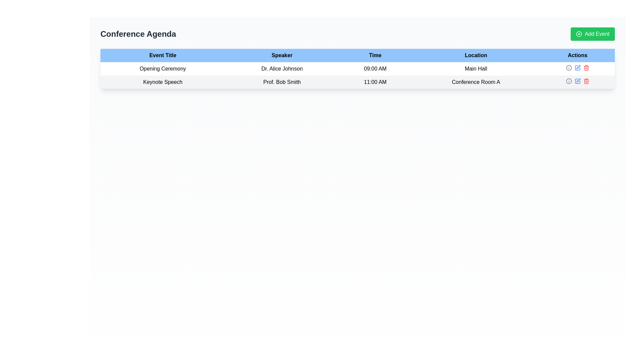 This screenshot has height=361, width=643. I want to click on text display element that shows 'Opening Ceremony', located in the first column of the agenda table under 'Event Title', so click(163, 69).